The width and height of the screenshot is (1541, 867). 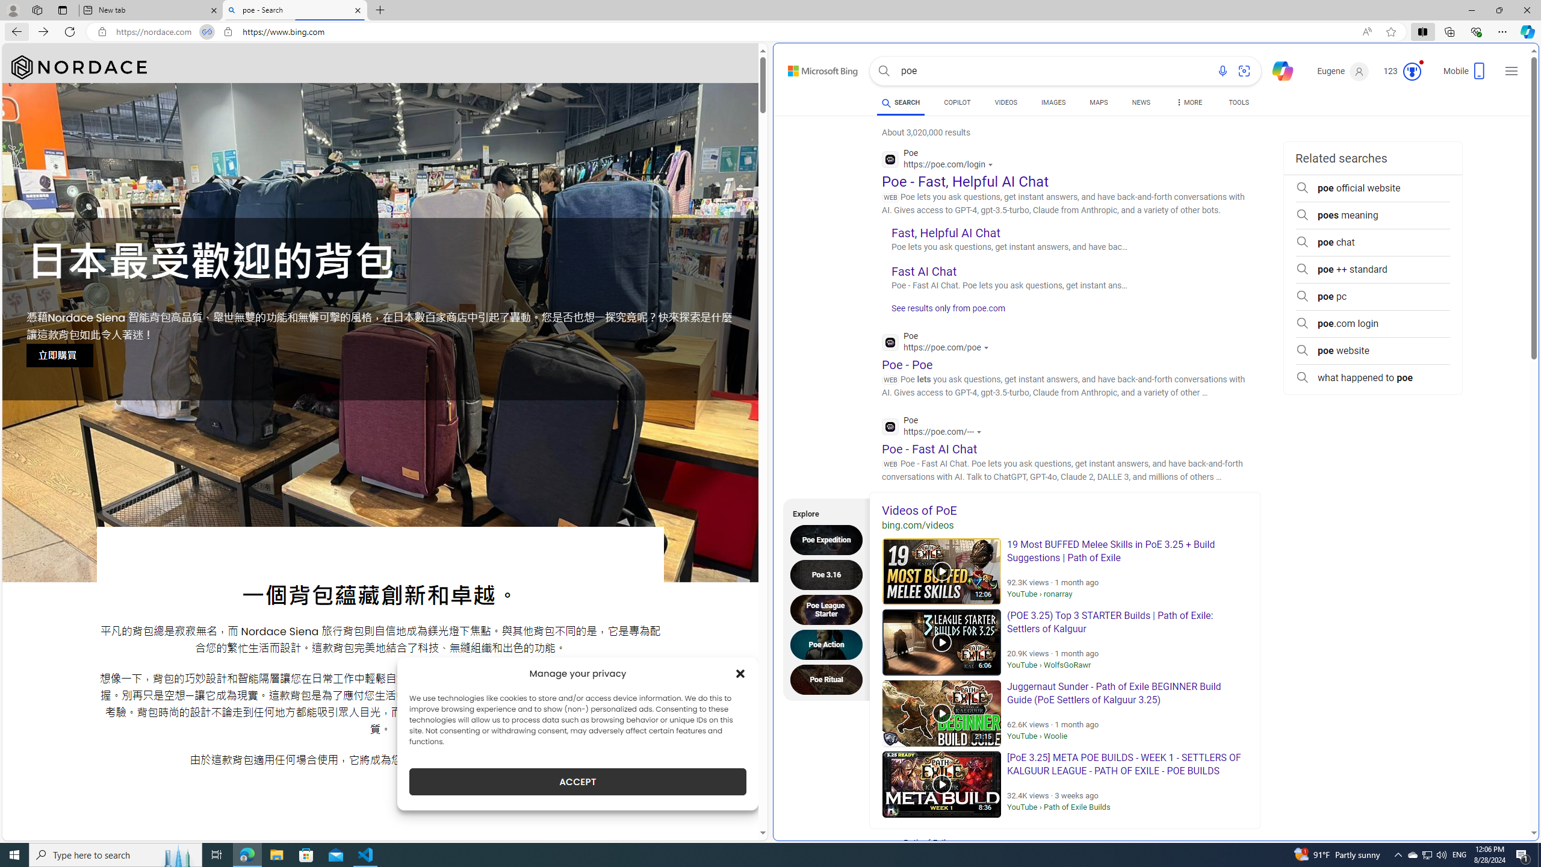 What do you see at coordinates (1188, 104) in the screenshot?
I see `'MORE'` at bounding box center [1188, 104].